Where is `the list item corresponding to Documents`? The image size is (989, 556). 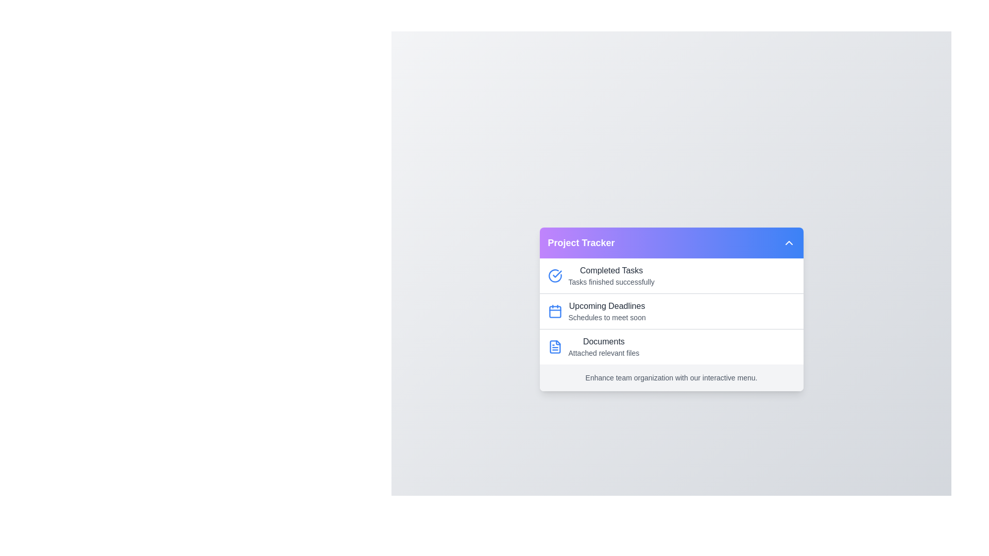
the list item corresponding to Documents is located at coordinates (671, 346).